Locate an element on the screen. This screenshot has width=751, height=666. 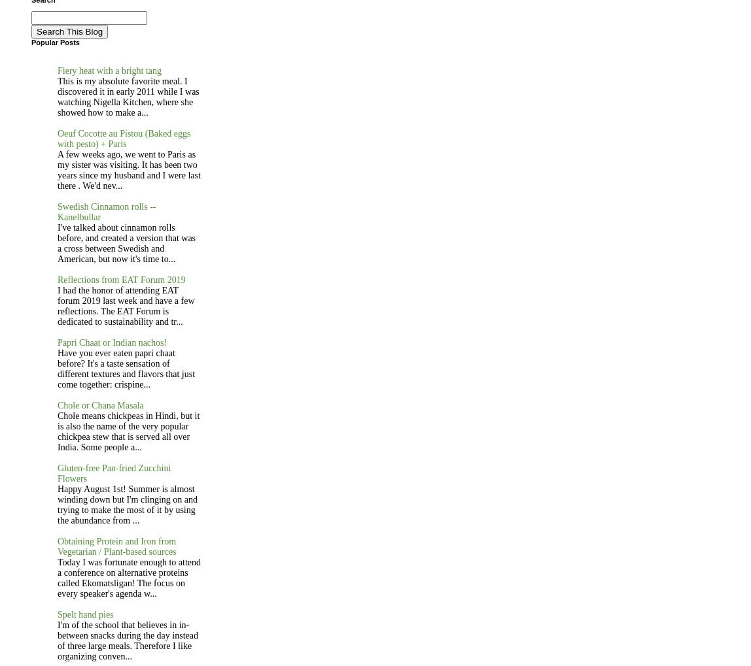
'Papri Chaat or Indian nachos!' is located at coordinates (58, 342).